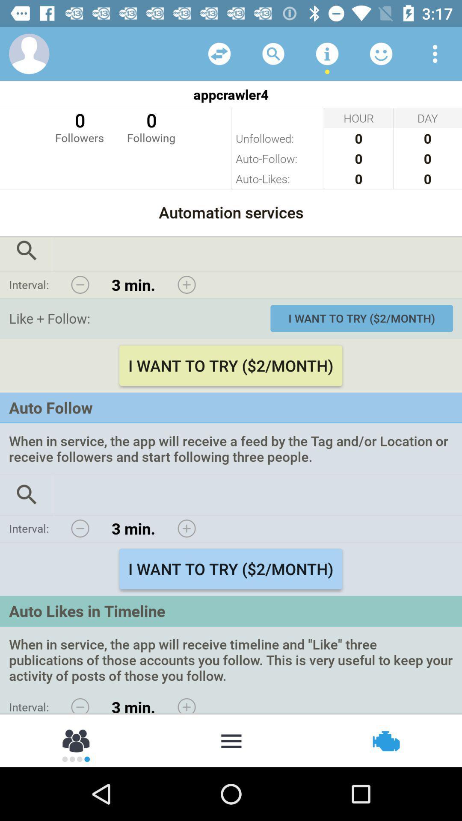 The width and height of the screenshot is (462, 821). Describe the element at coordinates (385, 740) in the screenshot. I see `item below when in service icon` at that location.